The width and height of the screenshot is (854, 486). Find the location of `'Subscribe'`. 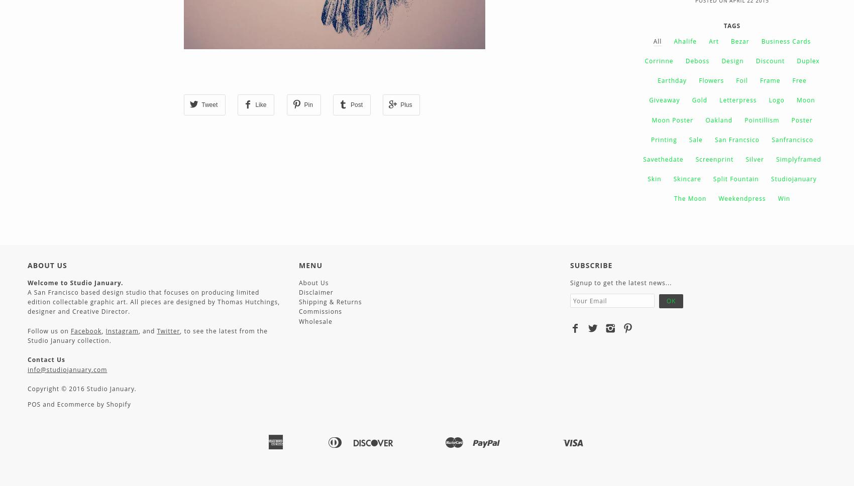

'Subscribe' is located at coordinates (590, 264).